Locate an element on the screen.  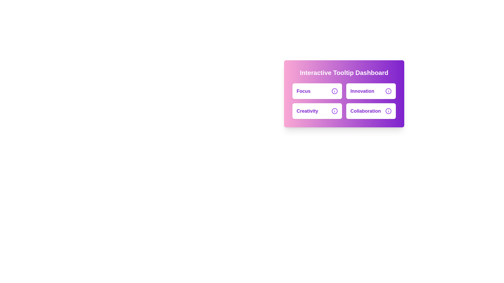
the text label reading 'Collaboration' in bold with purple text color, located in the bottom-right quadrant of the 'Interactive Tooltip Dashboard' is located at coordinates (365, 111).